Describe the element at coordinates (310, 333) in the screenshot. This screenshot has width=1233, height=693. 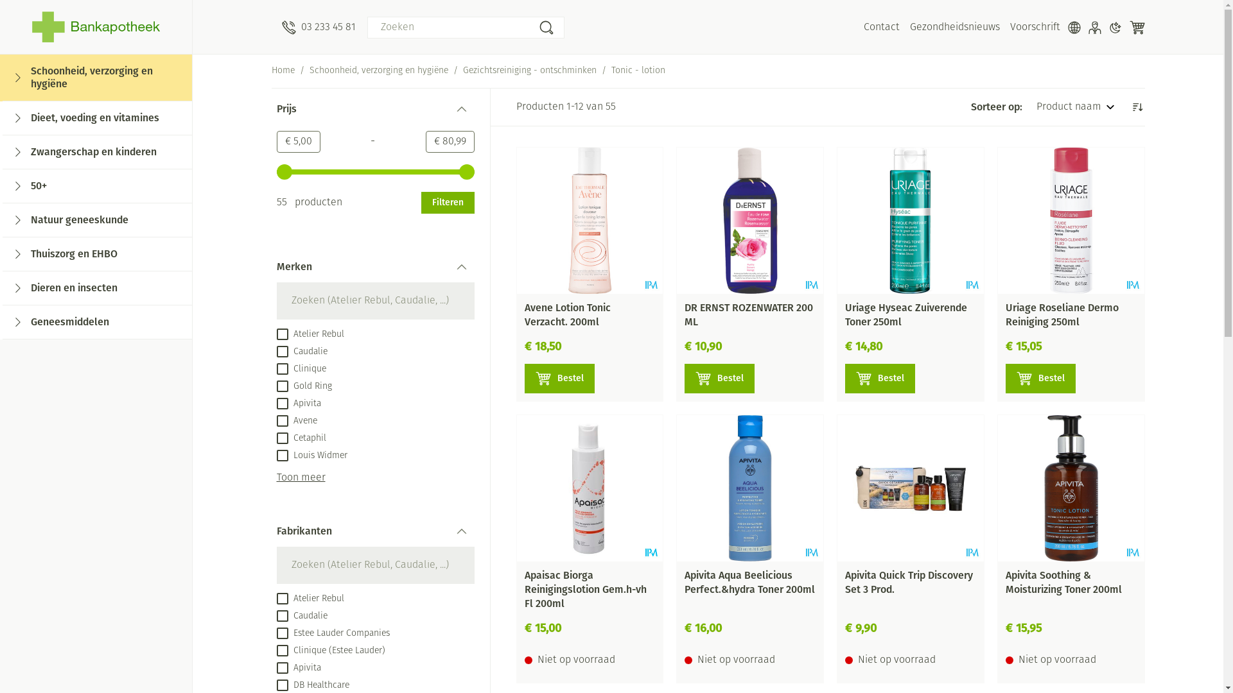
I see `'Atelier Rebul'` at that location.